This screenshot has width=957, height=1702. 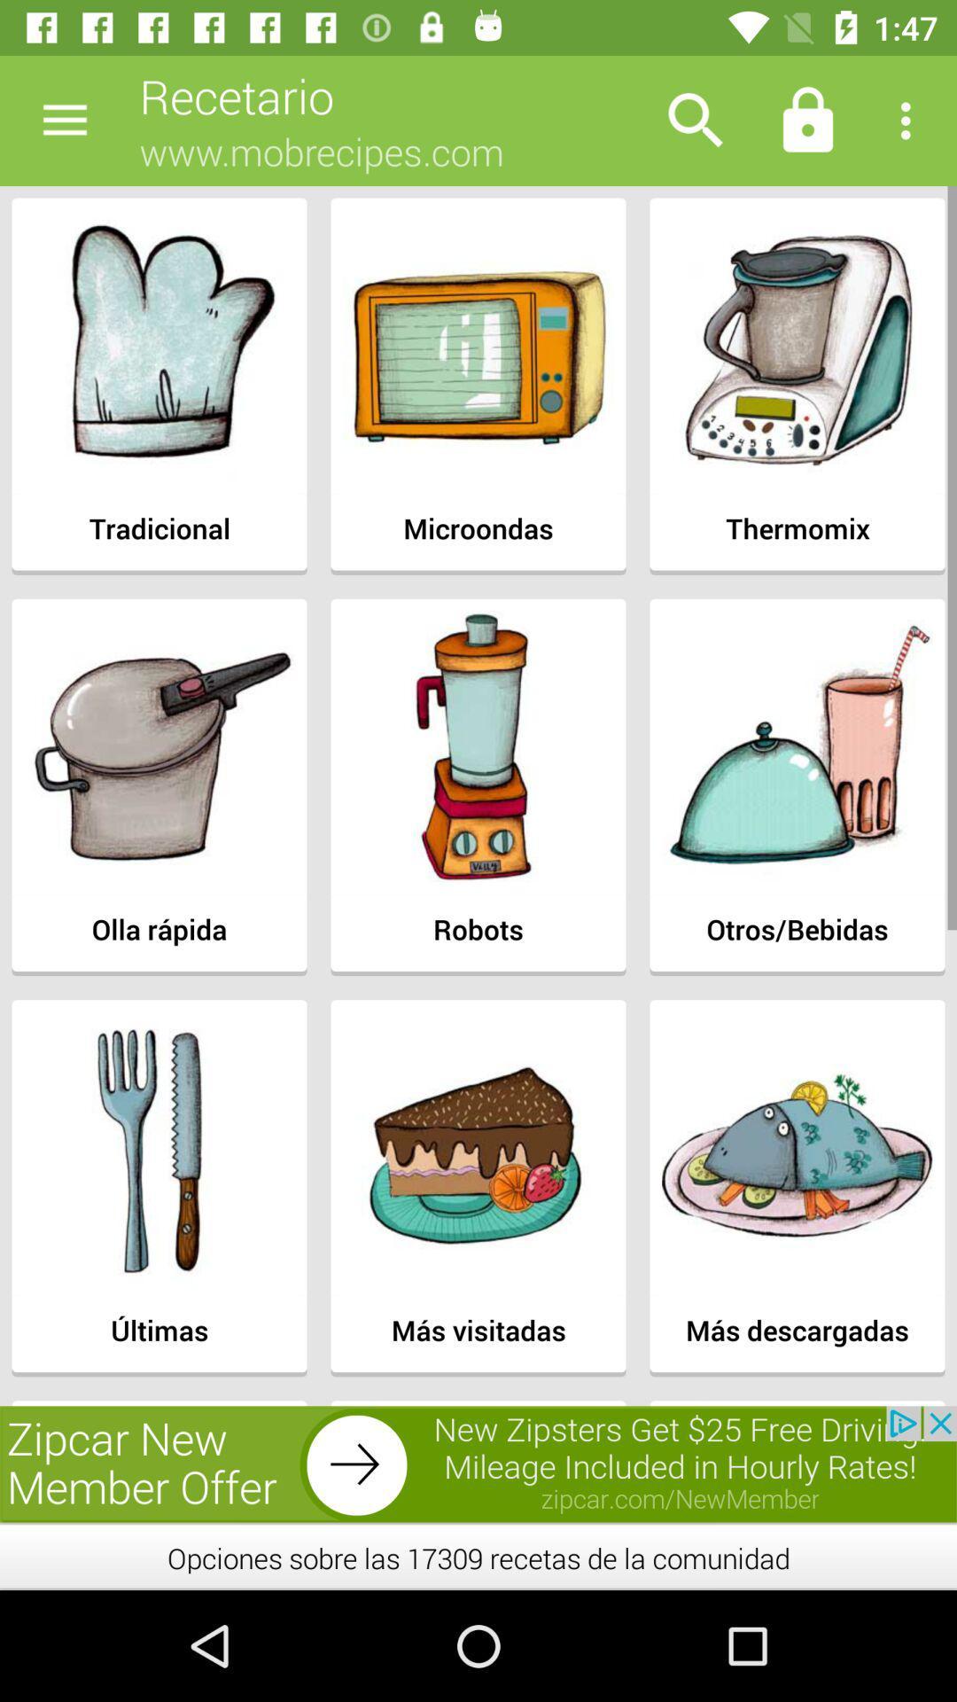 What do you see at coordinates (478, 1464) in the screenshot?
I see `advertisement` at bounding box center [478, 1464].